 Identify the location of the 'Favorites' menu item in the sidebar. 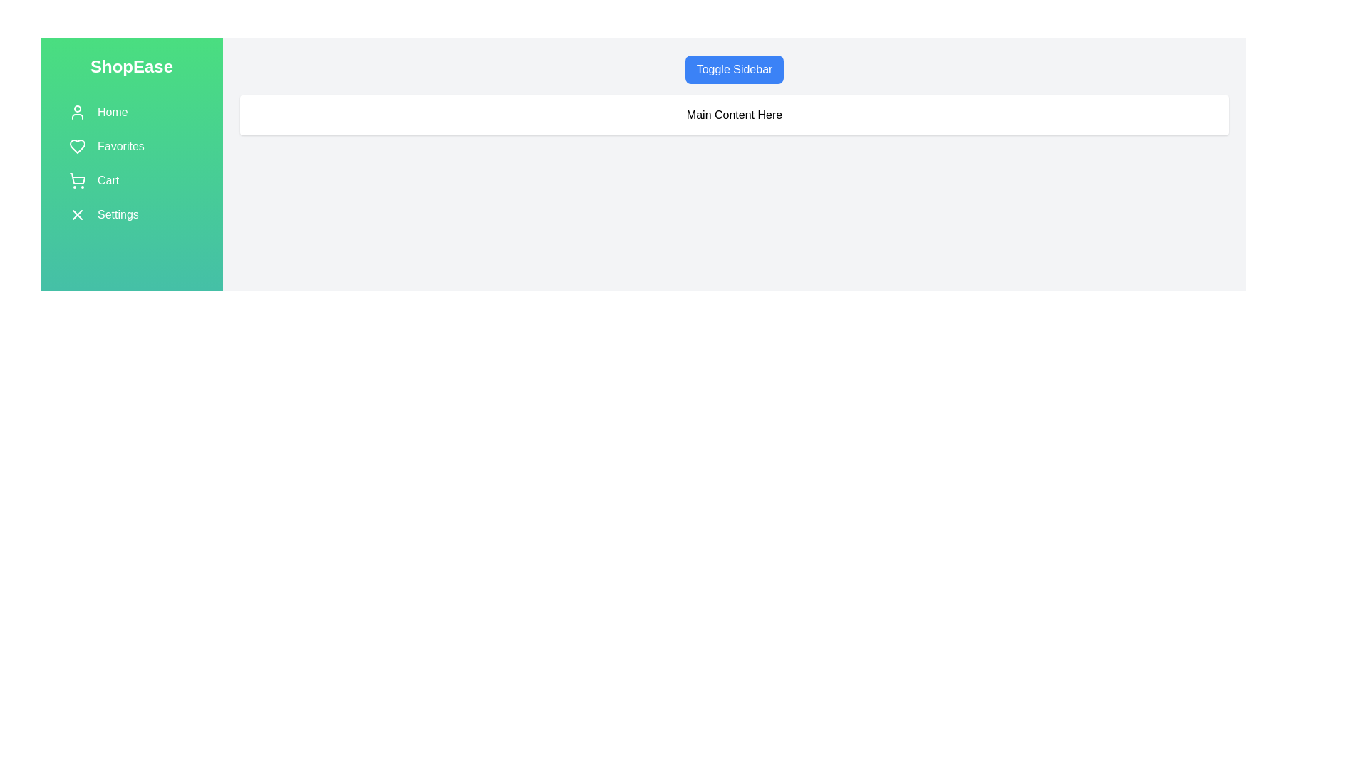
(132, 146).